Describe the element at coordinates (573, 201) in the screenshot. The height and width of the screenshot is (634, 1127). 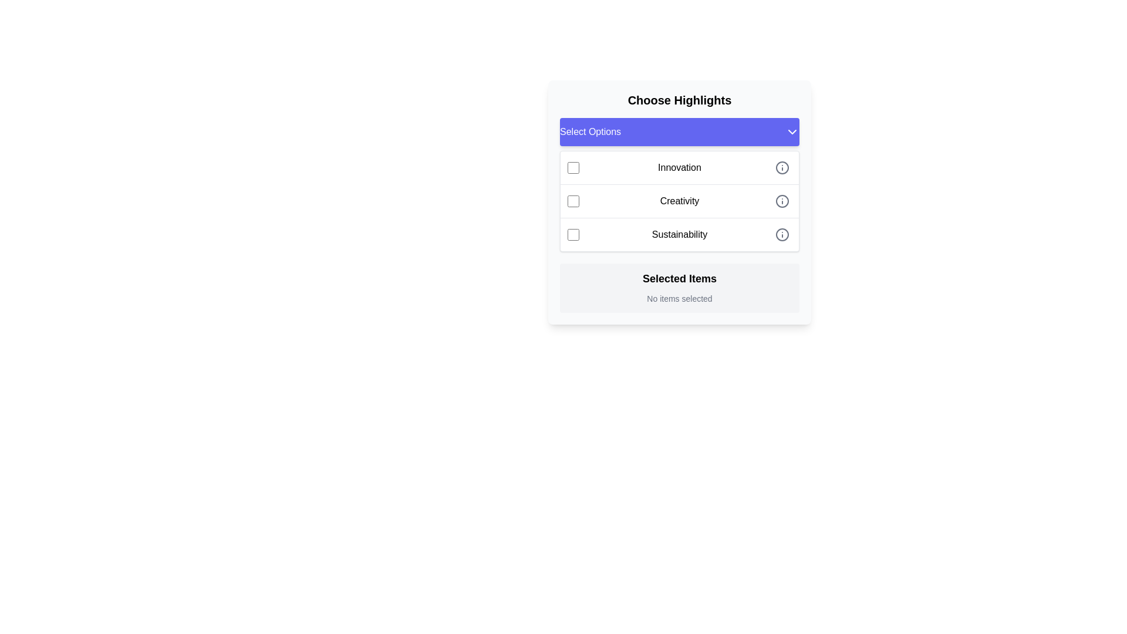
I see `the 'Creativity' checkbox` at that location.